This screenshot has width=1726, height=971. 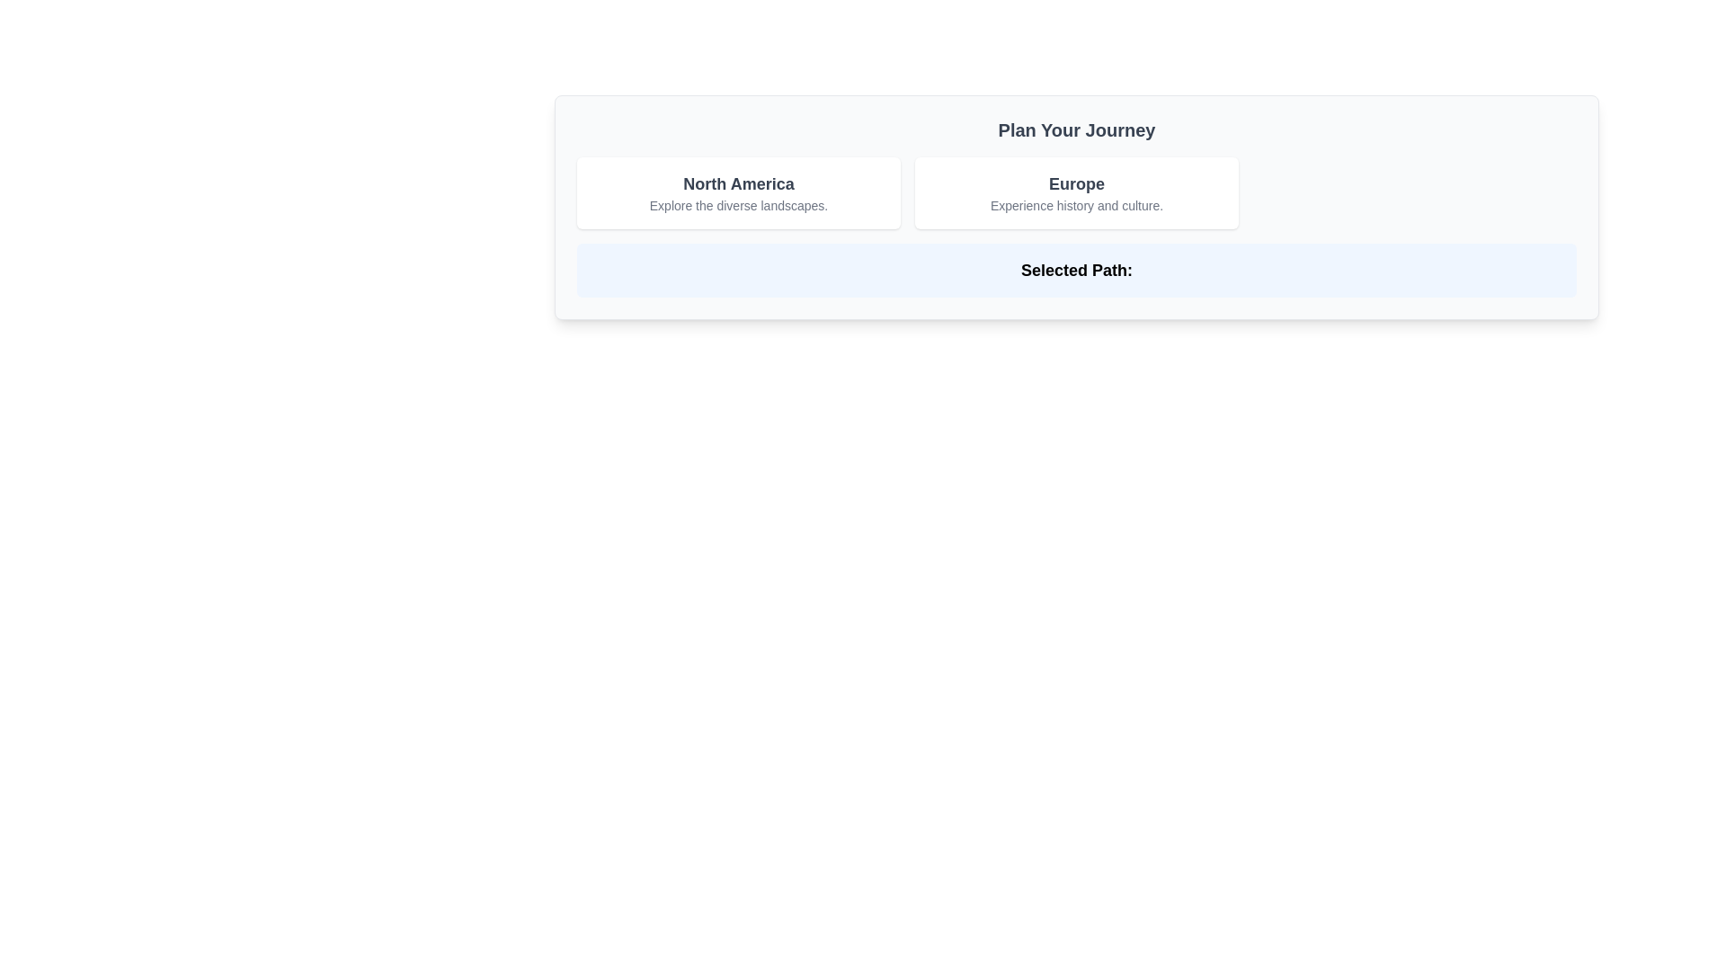 I want to click on text content of the bold 'Europe' label, which is positioned at the top center of a white card with rounded corners, so click(x=1077, y=183).